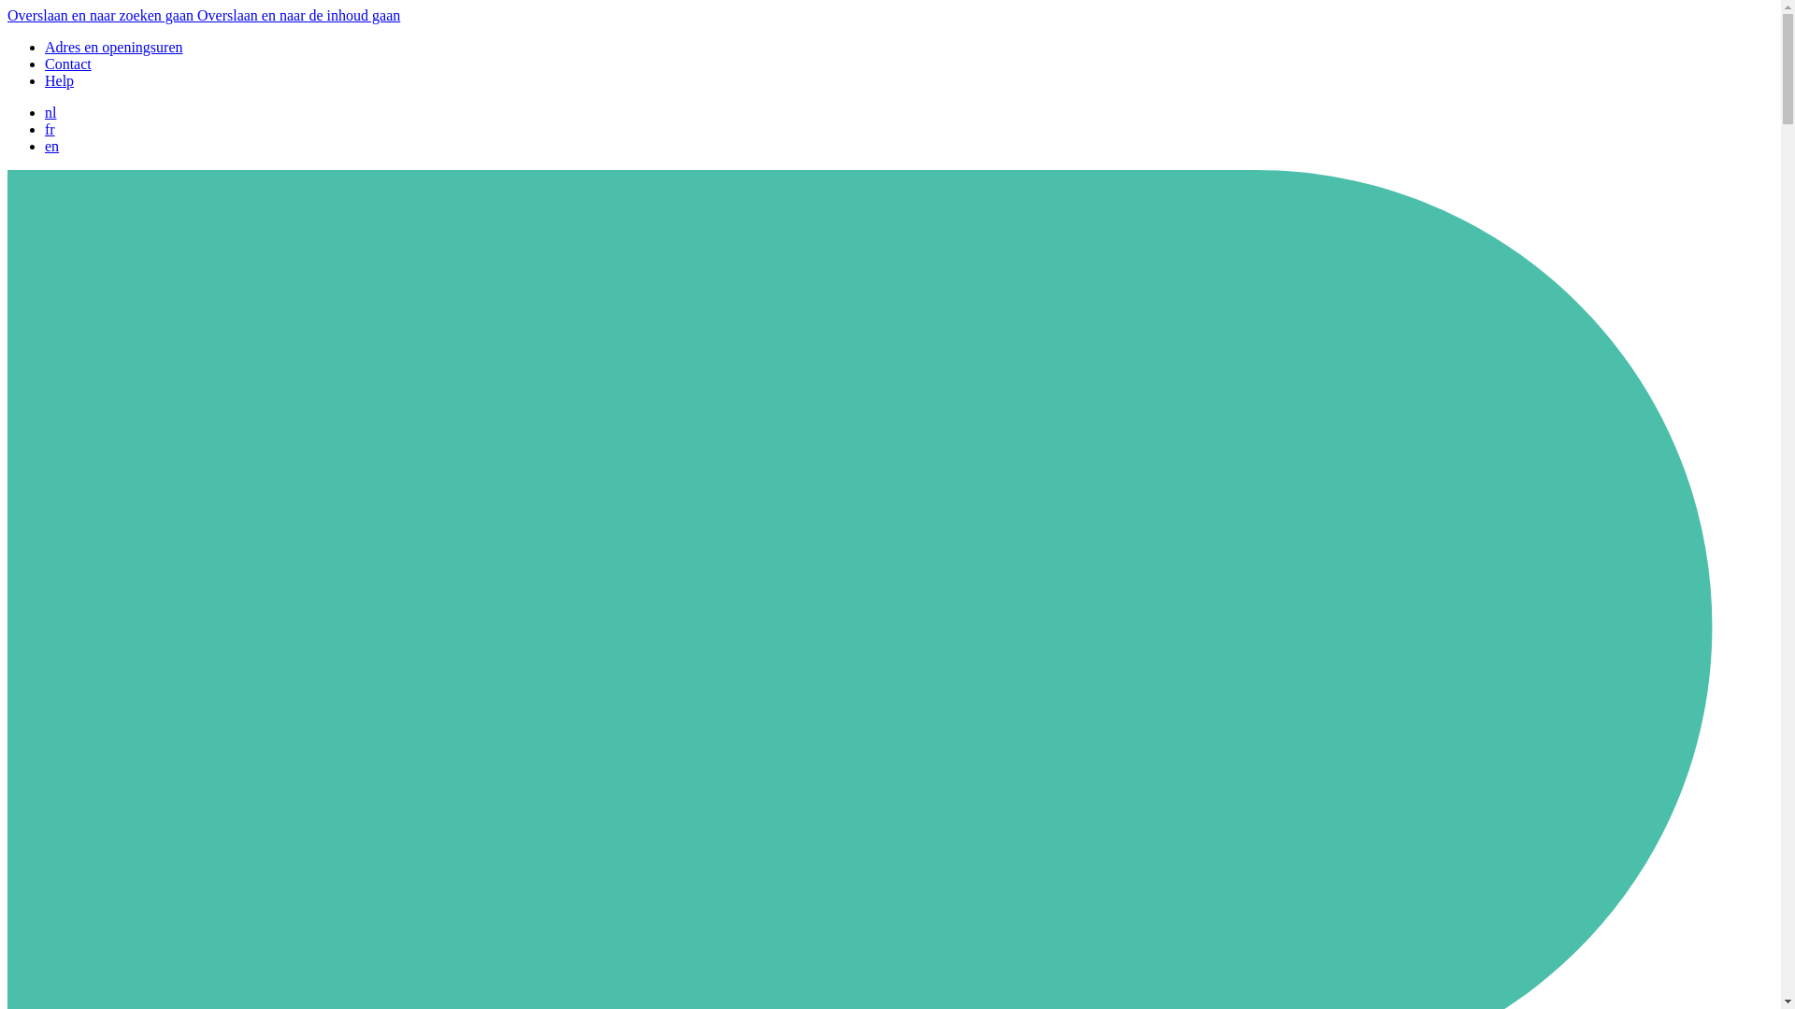  What do you see at coordinates (101, 15) in the screenshot?
I see `'Overslaan en naar zoeken gaan'` at bounding box center [101, 15].